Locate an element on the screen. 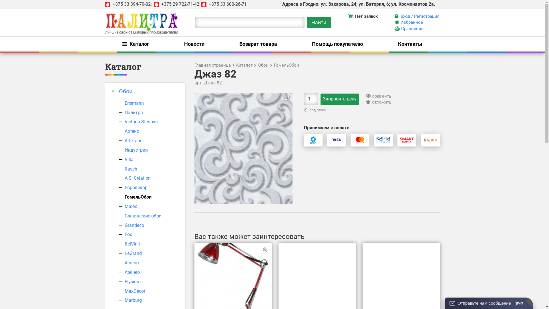 This screenshot has width=549, height=309. 'Fox' is located at coordinates (128, 234).